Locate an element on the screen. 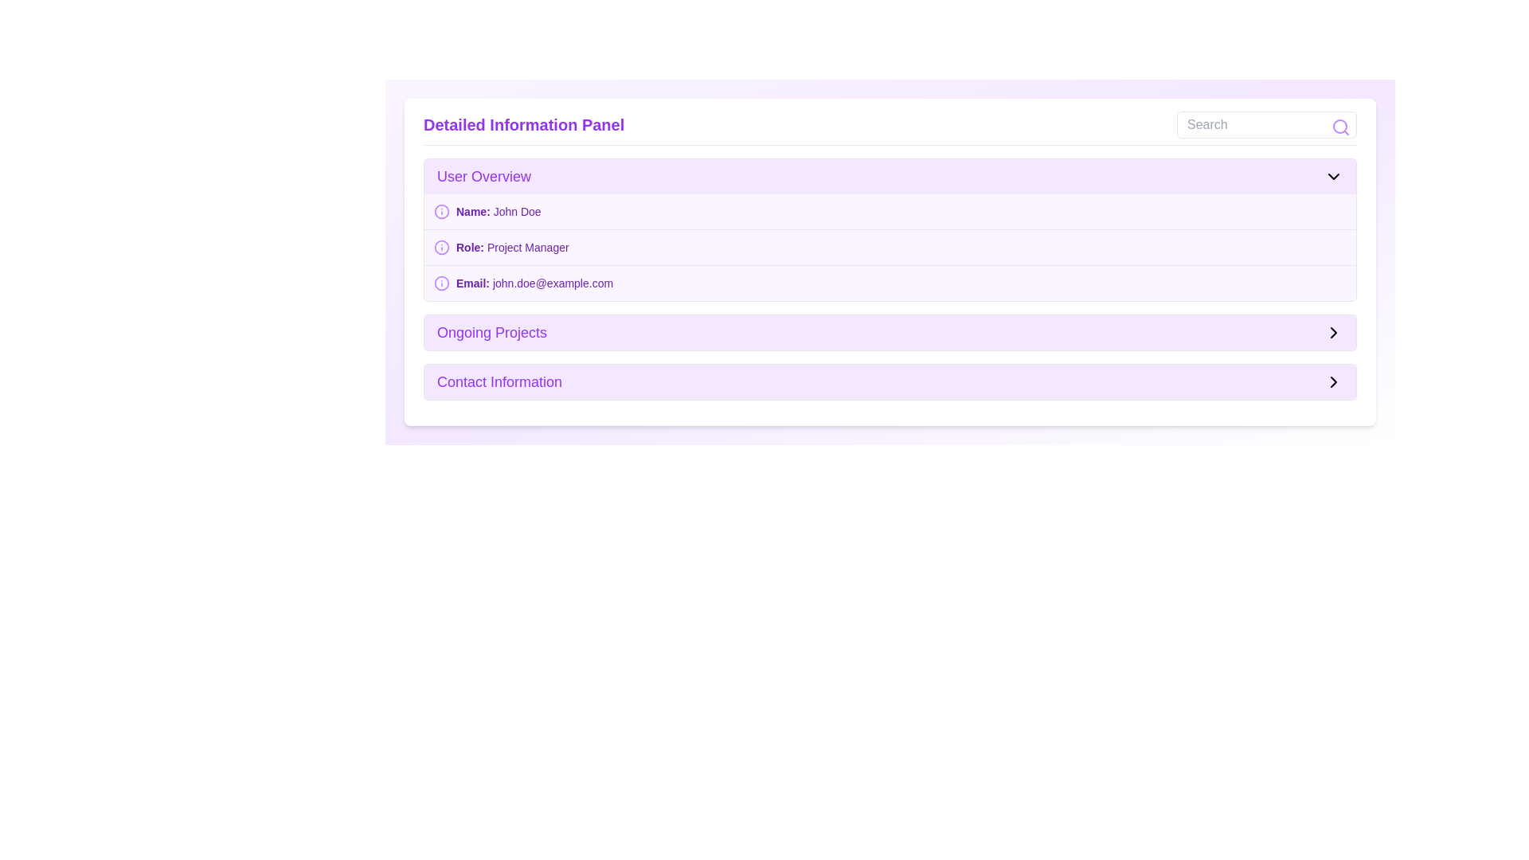 This screenshot has height=860, width=1529. the rightward pointing chevron icon with a black stroke in the 'Ongoing Projects' section is located at coordinates (1334, 331).